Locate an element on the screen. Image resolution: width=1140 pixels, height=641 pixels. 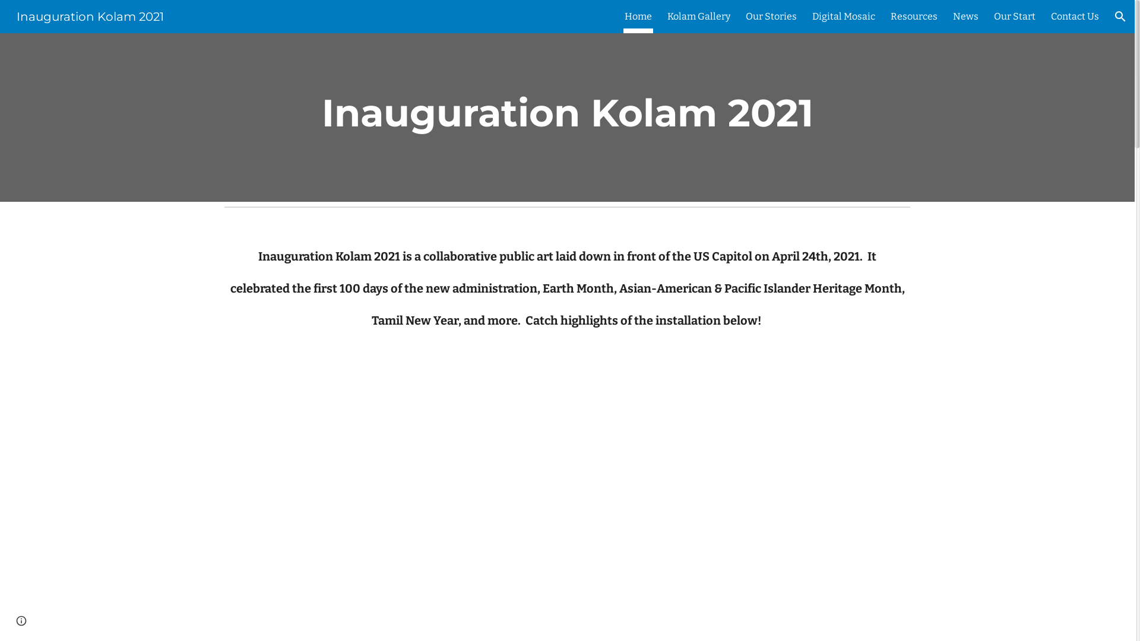
'News' is located at coordinates (952, 16).